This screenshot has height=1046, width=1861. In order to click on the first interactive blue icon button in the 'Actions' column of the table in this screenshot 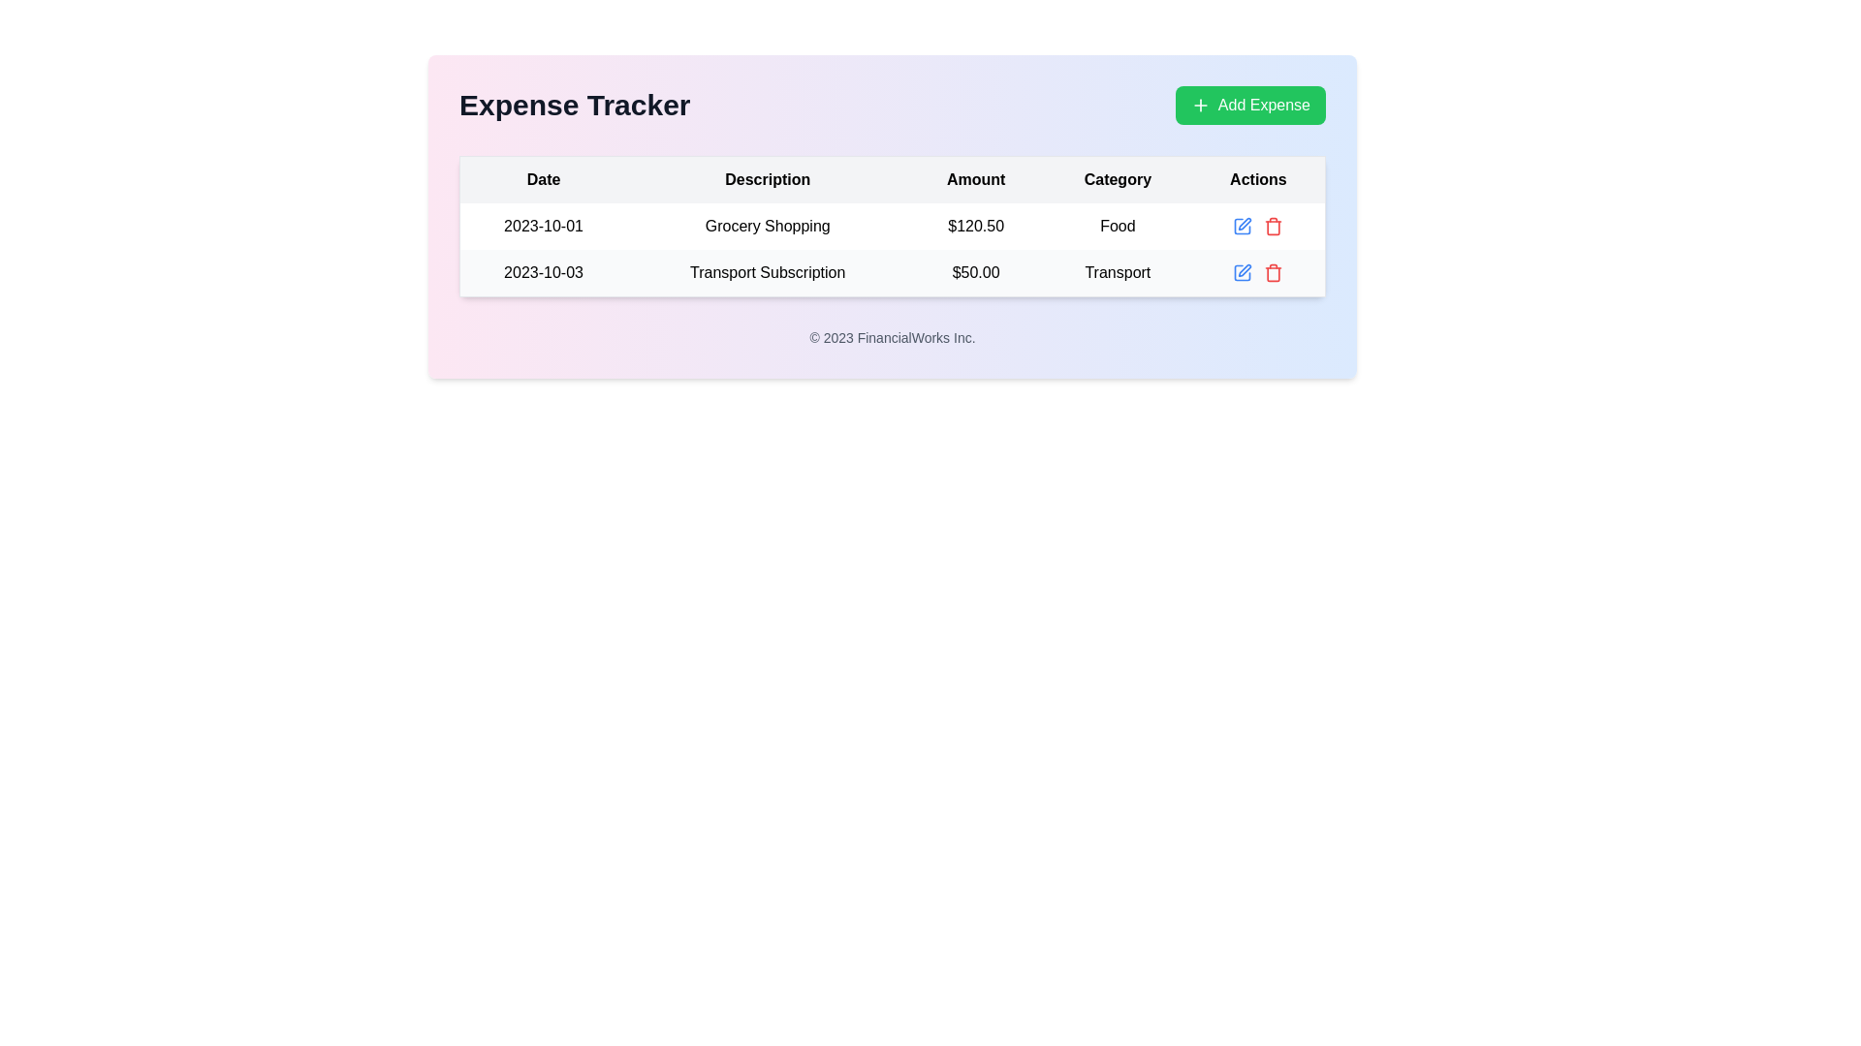, I will do `click(1243, 226)`.